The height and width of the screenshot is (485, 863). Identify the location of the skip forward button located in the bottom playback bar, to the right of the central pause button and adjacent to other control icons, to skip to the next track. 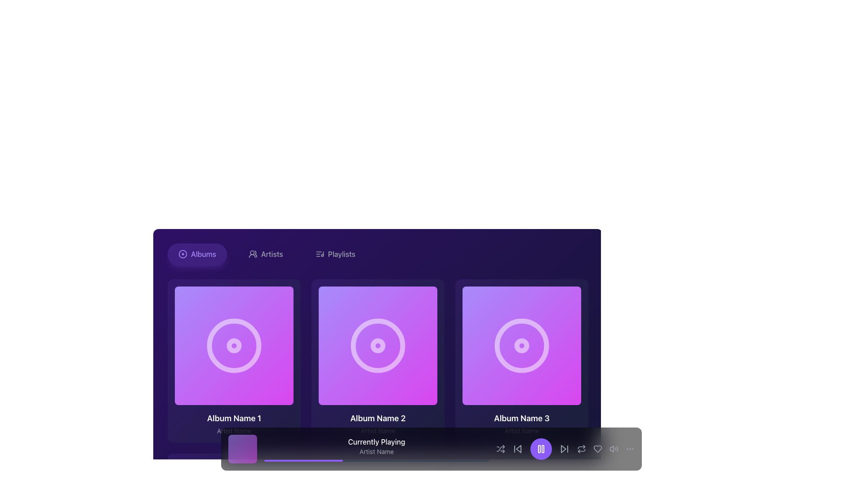
(564, 449).